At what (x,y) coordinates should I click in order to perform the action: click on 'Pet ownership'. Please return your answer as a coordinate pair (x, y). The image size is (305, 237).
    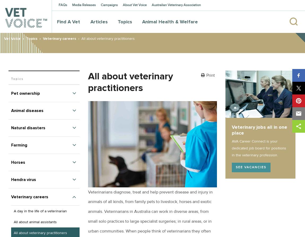
    Looking at the image, I should click on (25, 93).